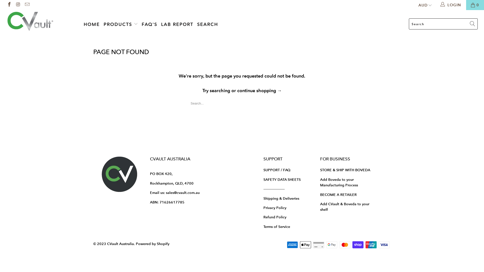  I want to click on 'HOME', so click(92, 24).